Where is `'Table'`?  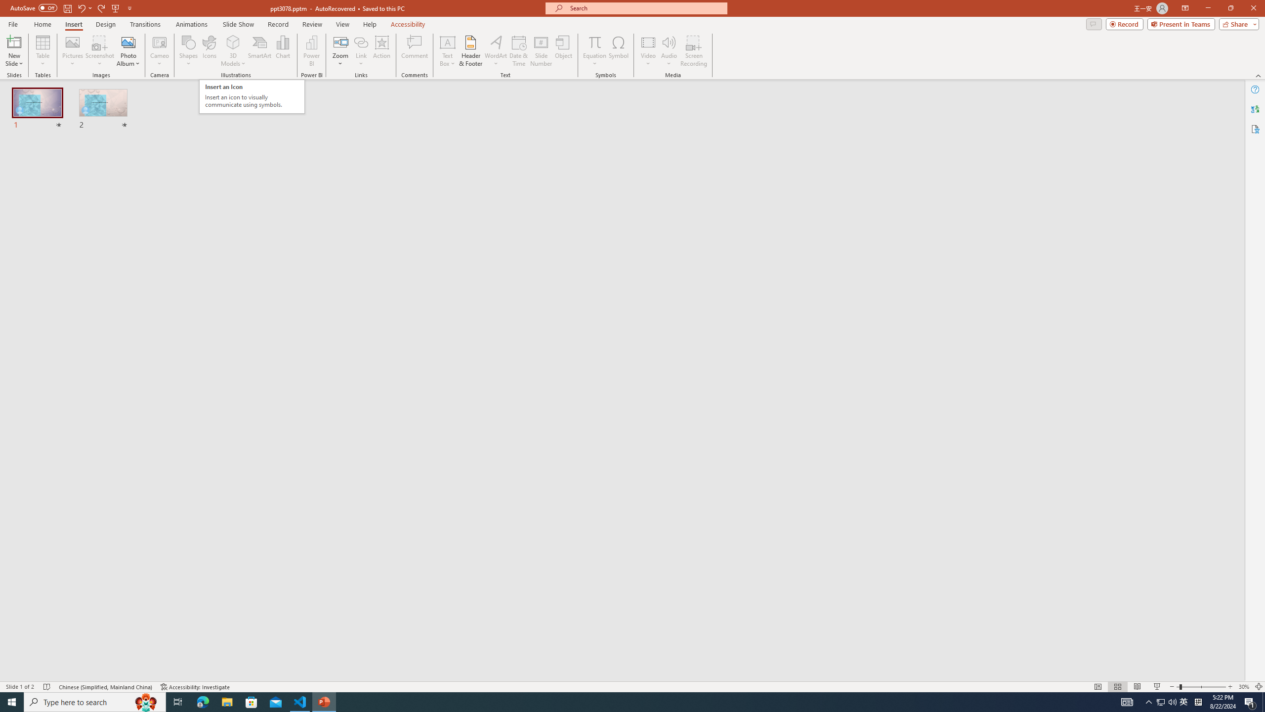 'Table' is located at coordinates (42, 51).